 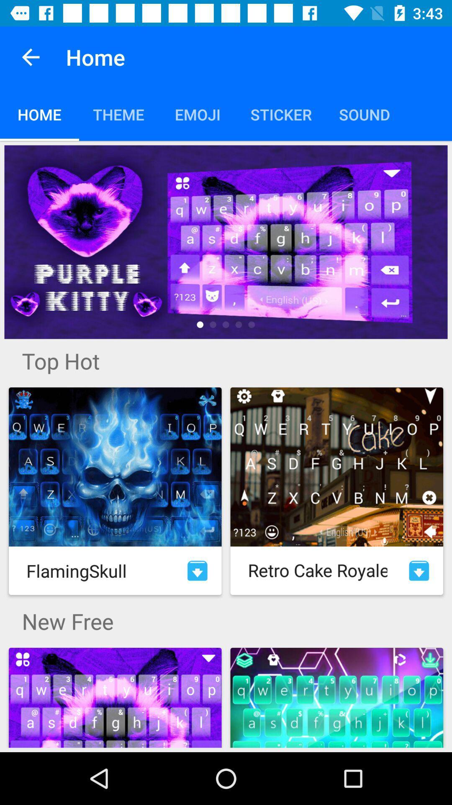 What do you see at coordinates (30, 57) in the screenshot?
I see `item above home` at bounding box center [30, 57].